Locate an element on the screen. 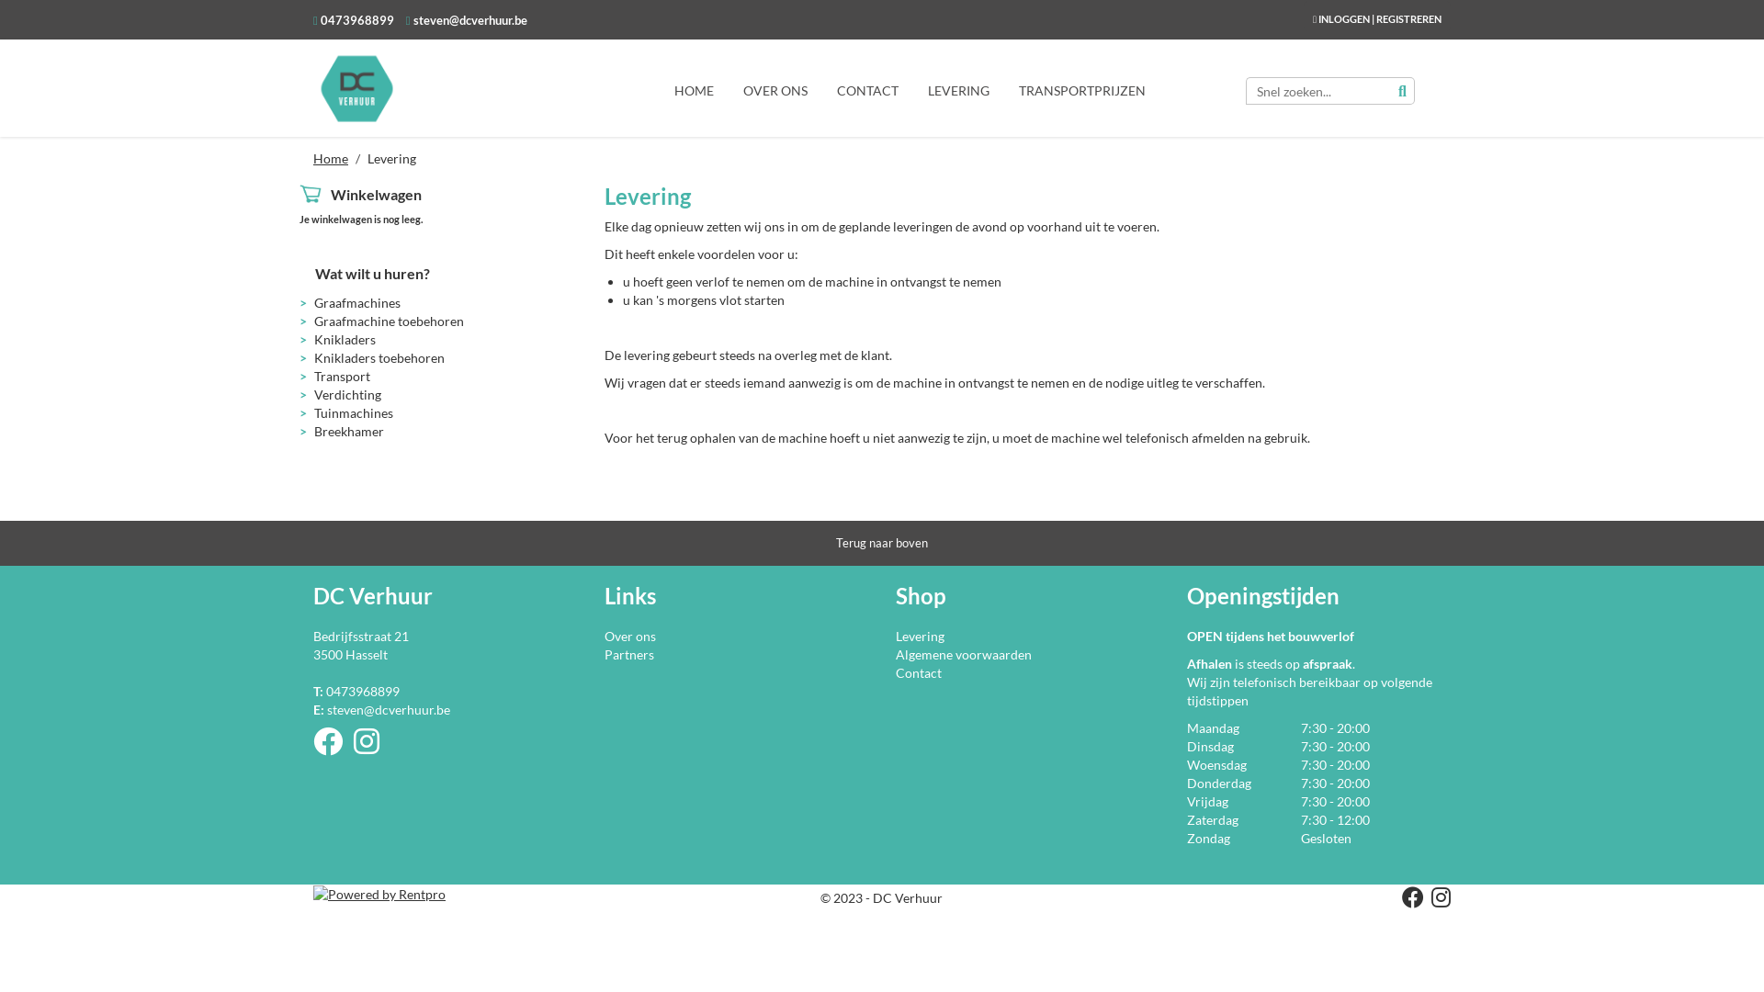 Image resolution: width=1764 pixels, height=992 pixels. 'Knikladers toebehoren' is located at coordinates (378, 357).